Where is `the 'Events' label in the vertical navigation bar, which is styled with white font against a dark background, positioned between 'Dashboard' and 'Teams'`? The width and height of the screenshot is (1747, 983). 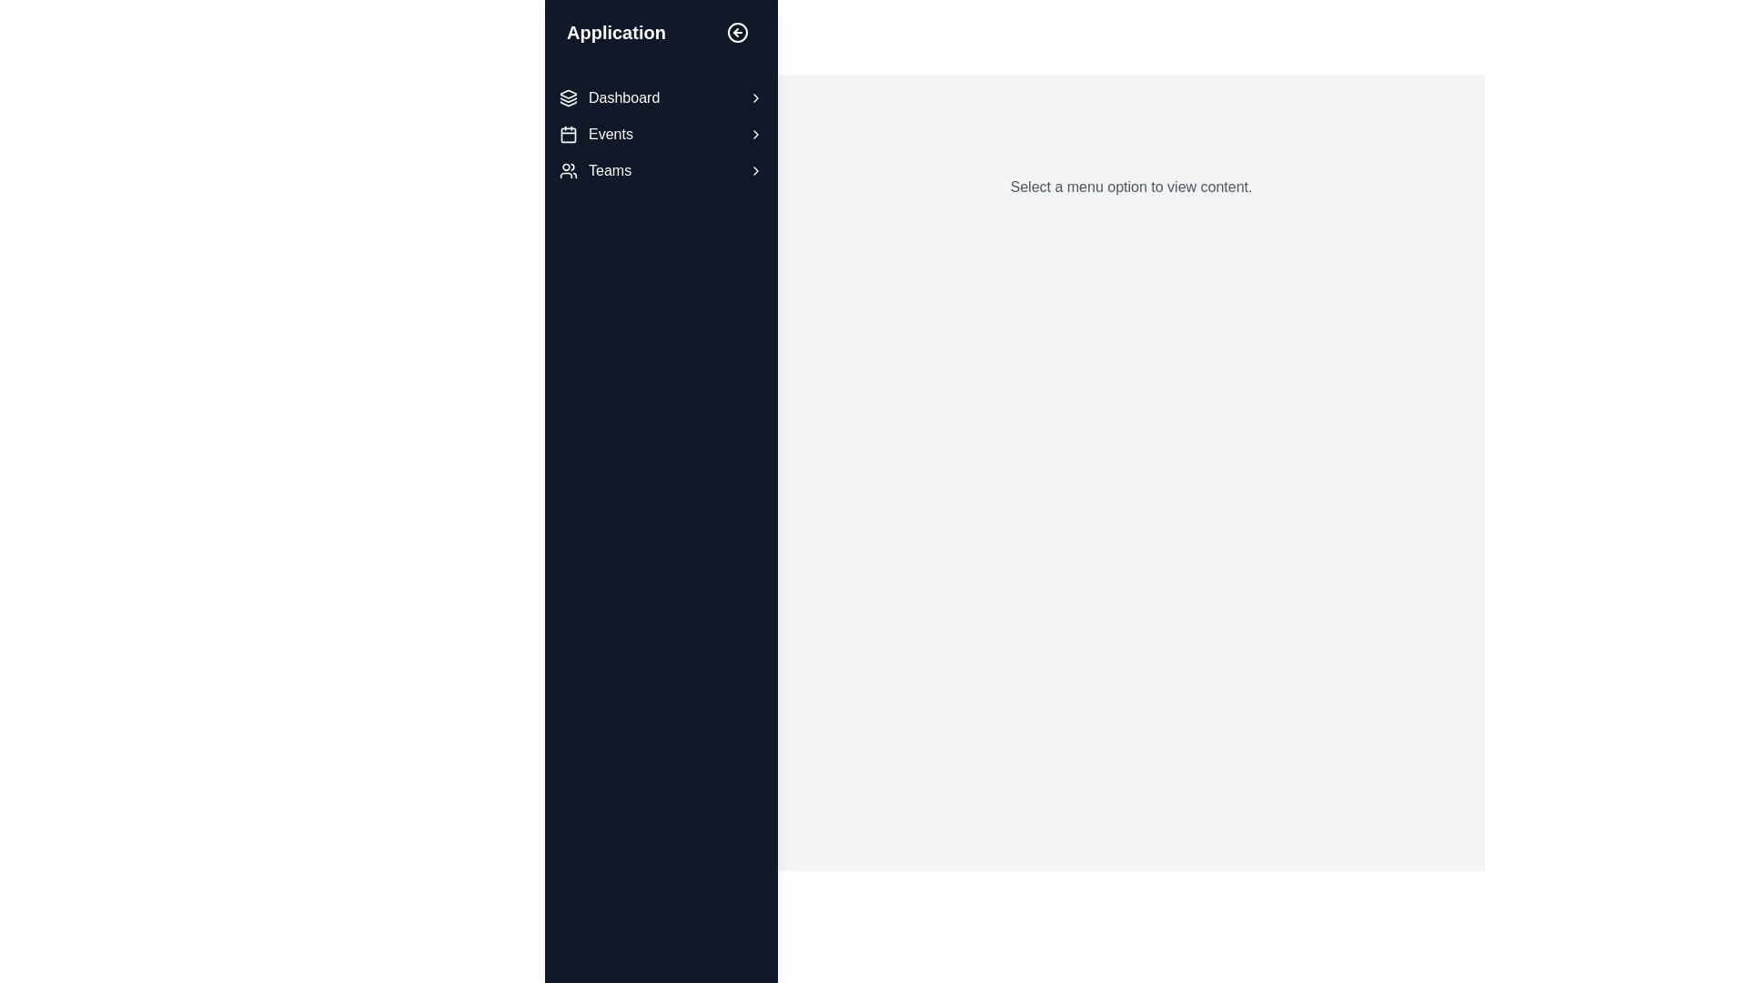 the 'Events' label in the vertical navigation bar, which is styled with white font against a dark background, positioned between 'Dashboard' and 'Teams' is located at coordinates (611, 133).